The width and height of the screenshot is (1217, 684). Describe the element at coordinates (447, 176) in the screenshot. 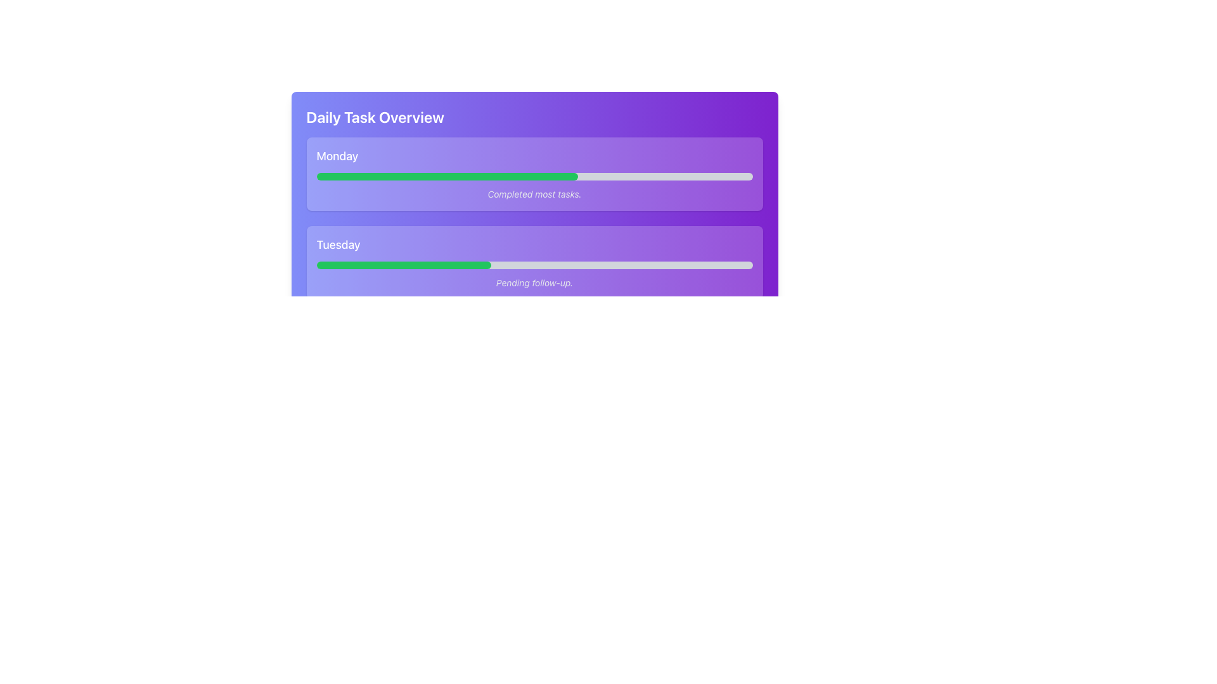

I see `the Progress Bar Segment labeled 'Monday' which currently displays 60% progress` at that location.